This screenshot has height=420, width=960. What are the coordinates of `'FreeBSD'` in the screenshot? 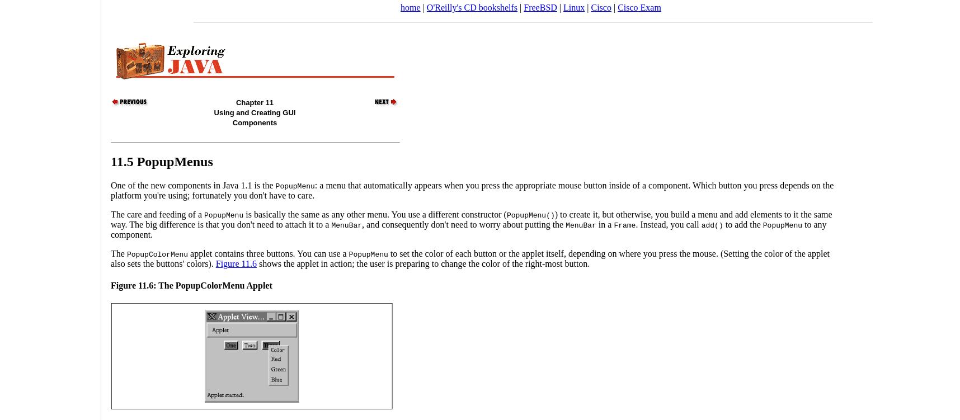 It's located at (523, 7).